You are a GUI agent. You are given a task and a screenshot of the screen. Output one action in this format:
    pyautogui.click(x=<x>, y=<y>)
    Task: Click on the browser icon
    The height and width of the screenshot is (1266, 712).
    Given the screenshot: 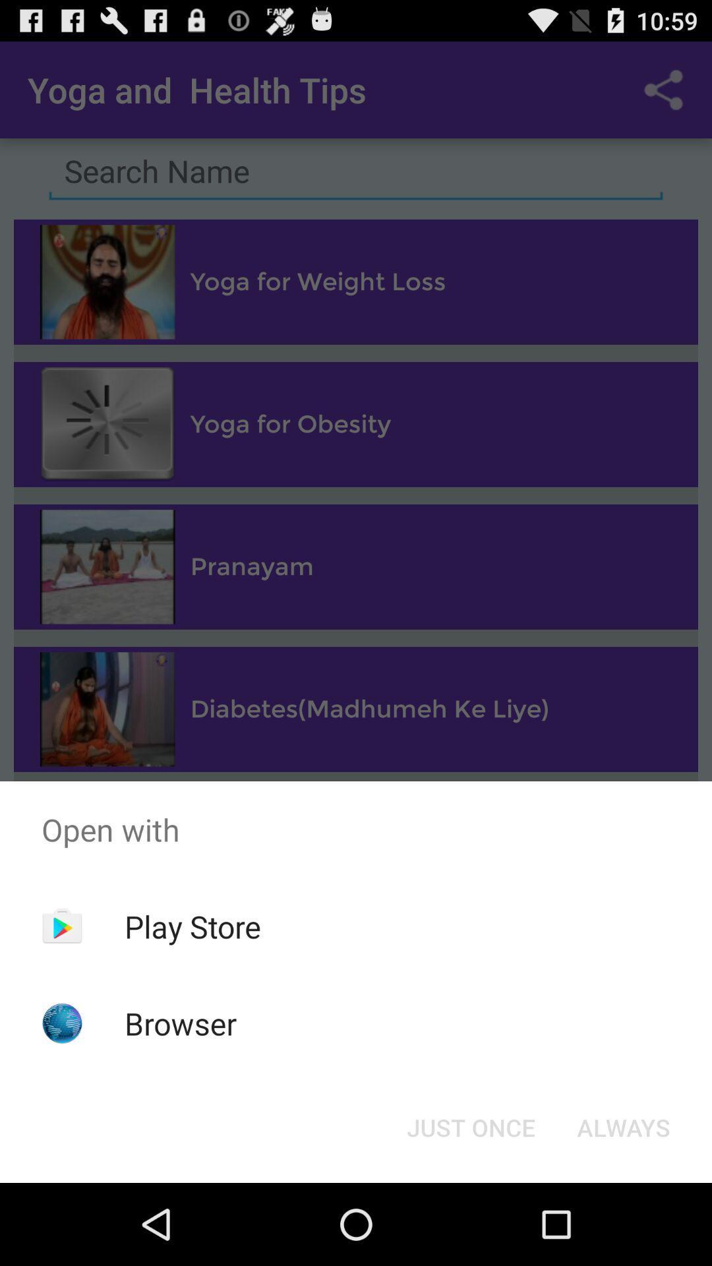 What is the action you would take?
    pyautogui.click(x=181, y=1023)
    